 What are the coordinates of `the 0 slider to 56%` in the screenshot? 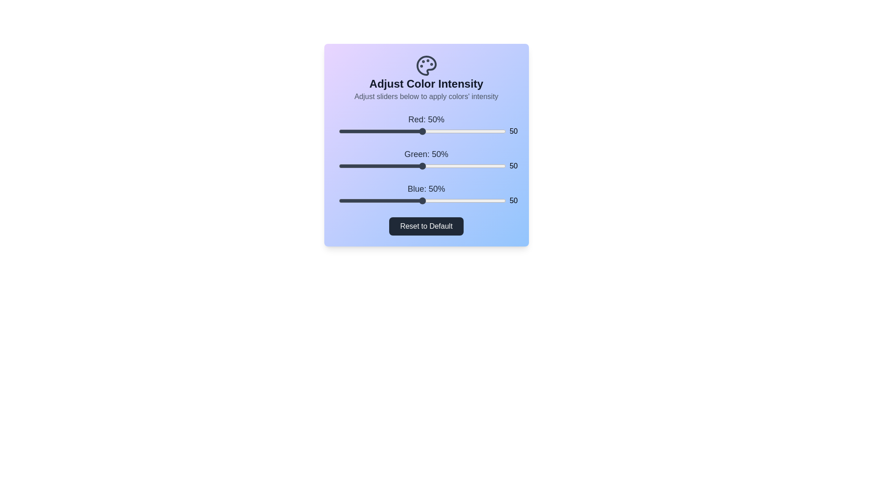 It's located at (432, 131).